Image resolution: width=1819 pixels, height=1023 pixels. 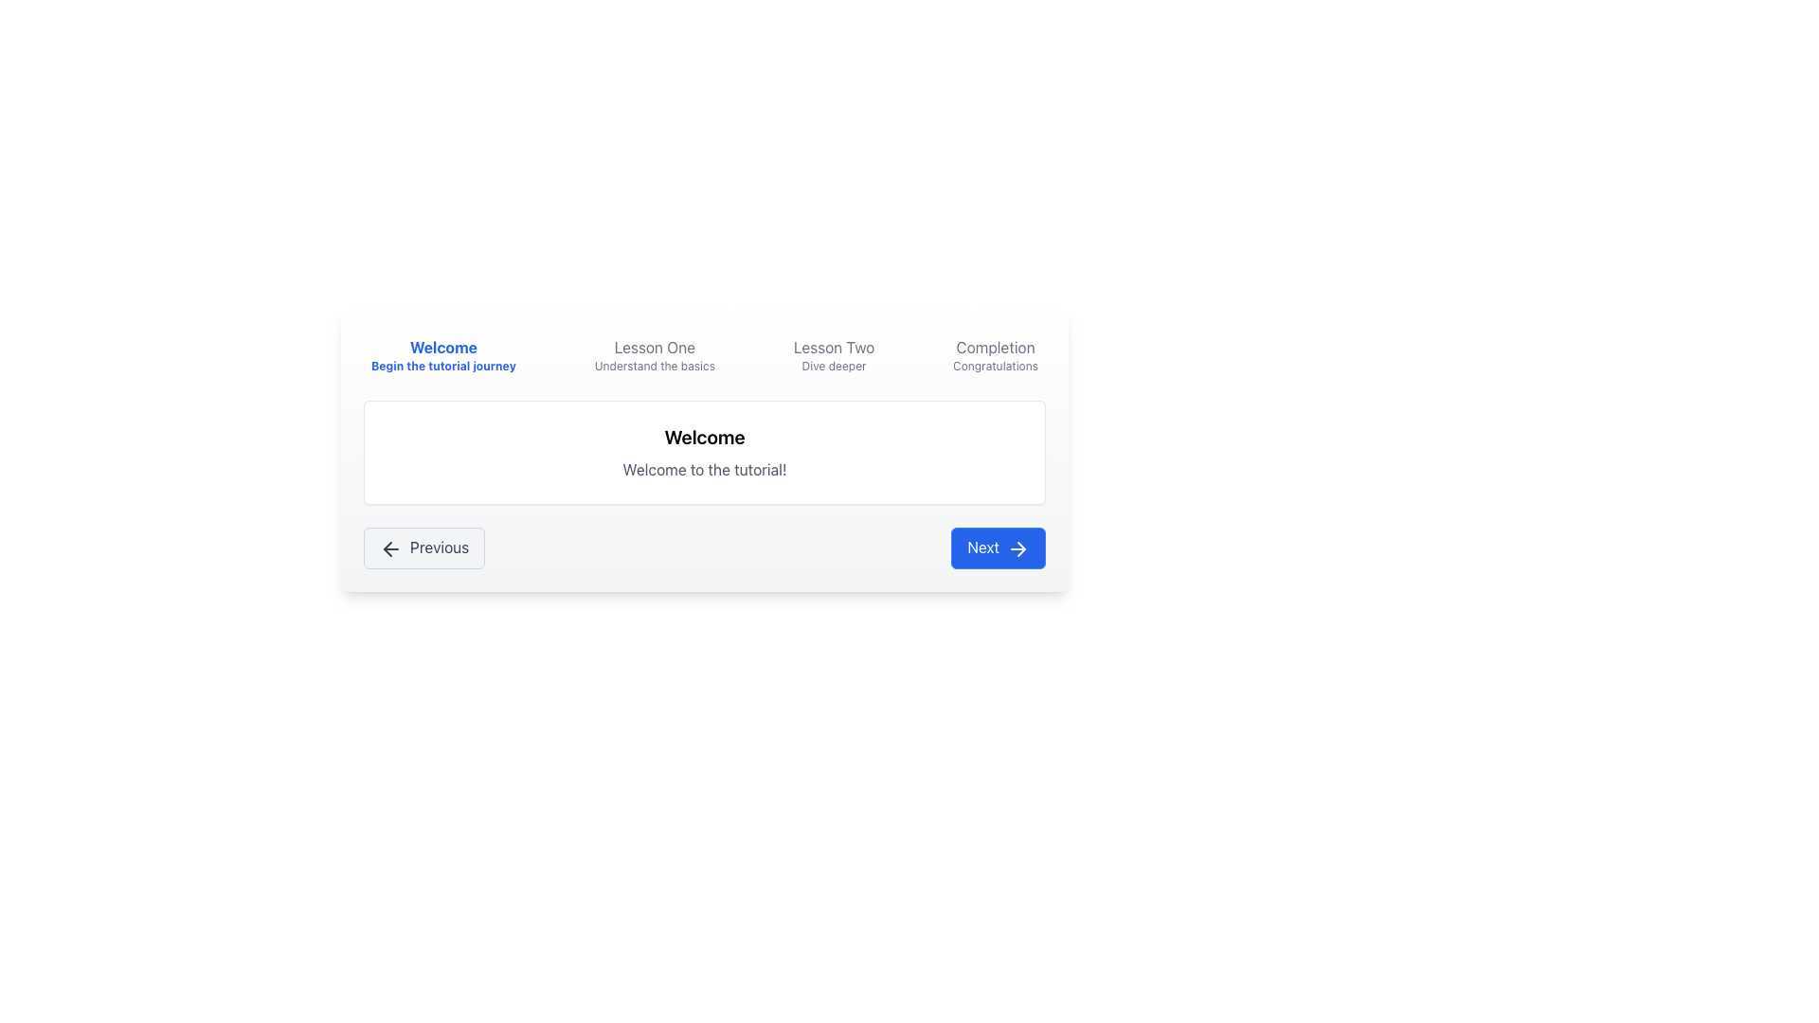 What do you see at coordinates (655, 347) in the screenshot?
I see `the text label that identifies the first lesson in the tutorial, which is positioned above the 'Understand the basics' text in the horizontal menu listing lessons` at bounding box center [655, 347].